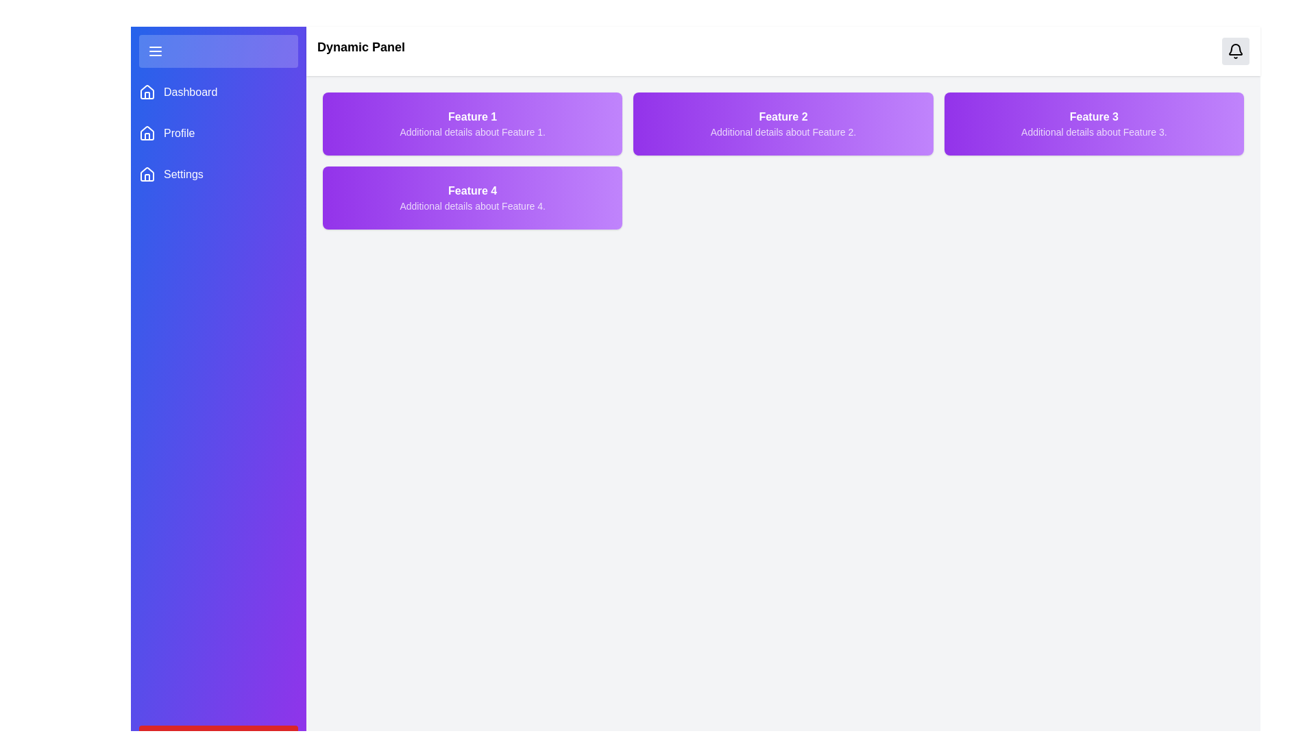  What do you see at coordinates (147, 92) in the screenshot?
I see `the house outline icon in the sidebar menu` at bounding box center [147, 92].